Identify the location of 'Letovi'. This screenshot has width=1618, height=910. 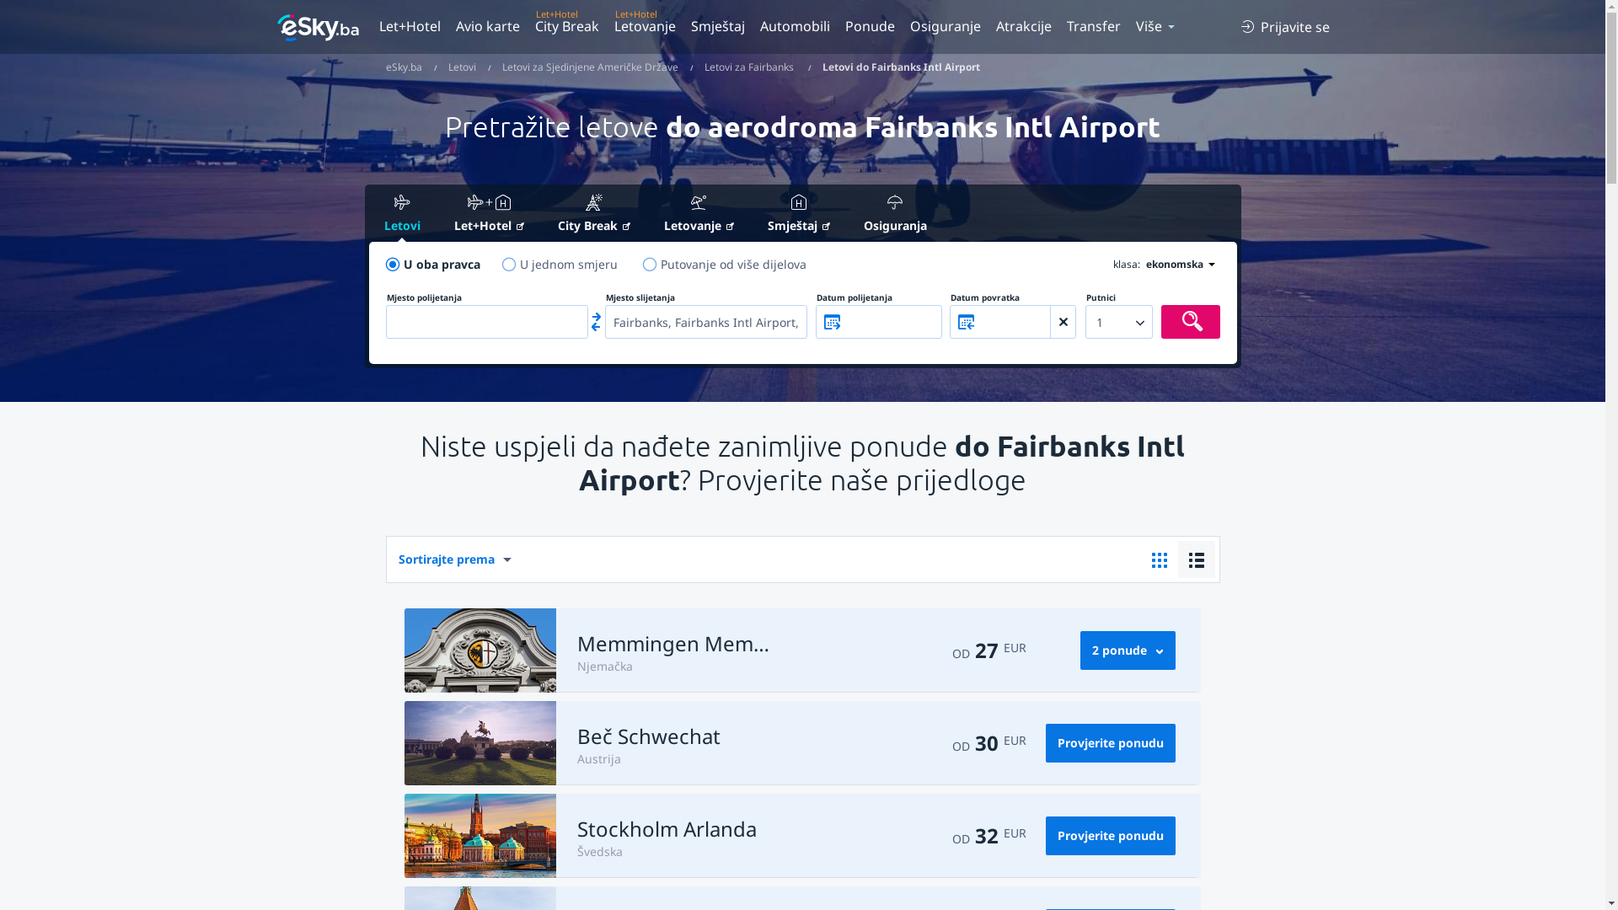
(462, 67).